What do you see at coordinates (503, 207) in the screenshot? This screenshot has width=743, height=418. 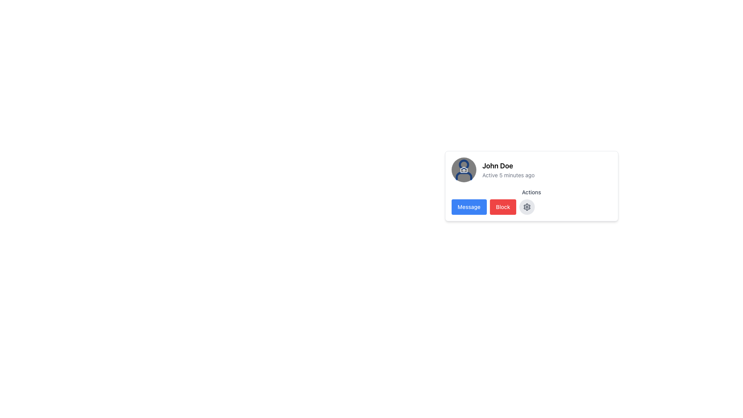 I see `the 'Block User' button located to the right of the blue 'Message' button in the 'Actions' section of the card layout` at bounding box center [503, 207].